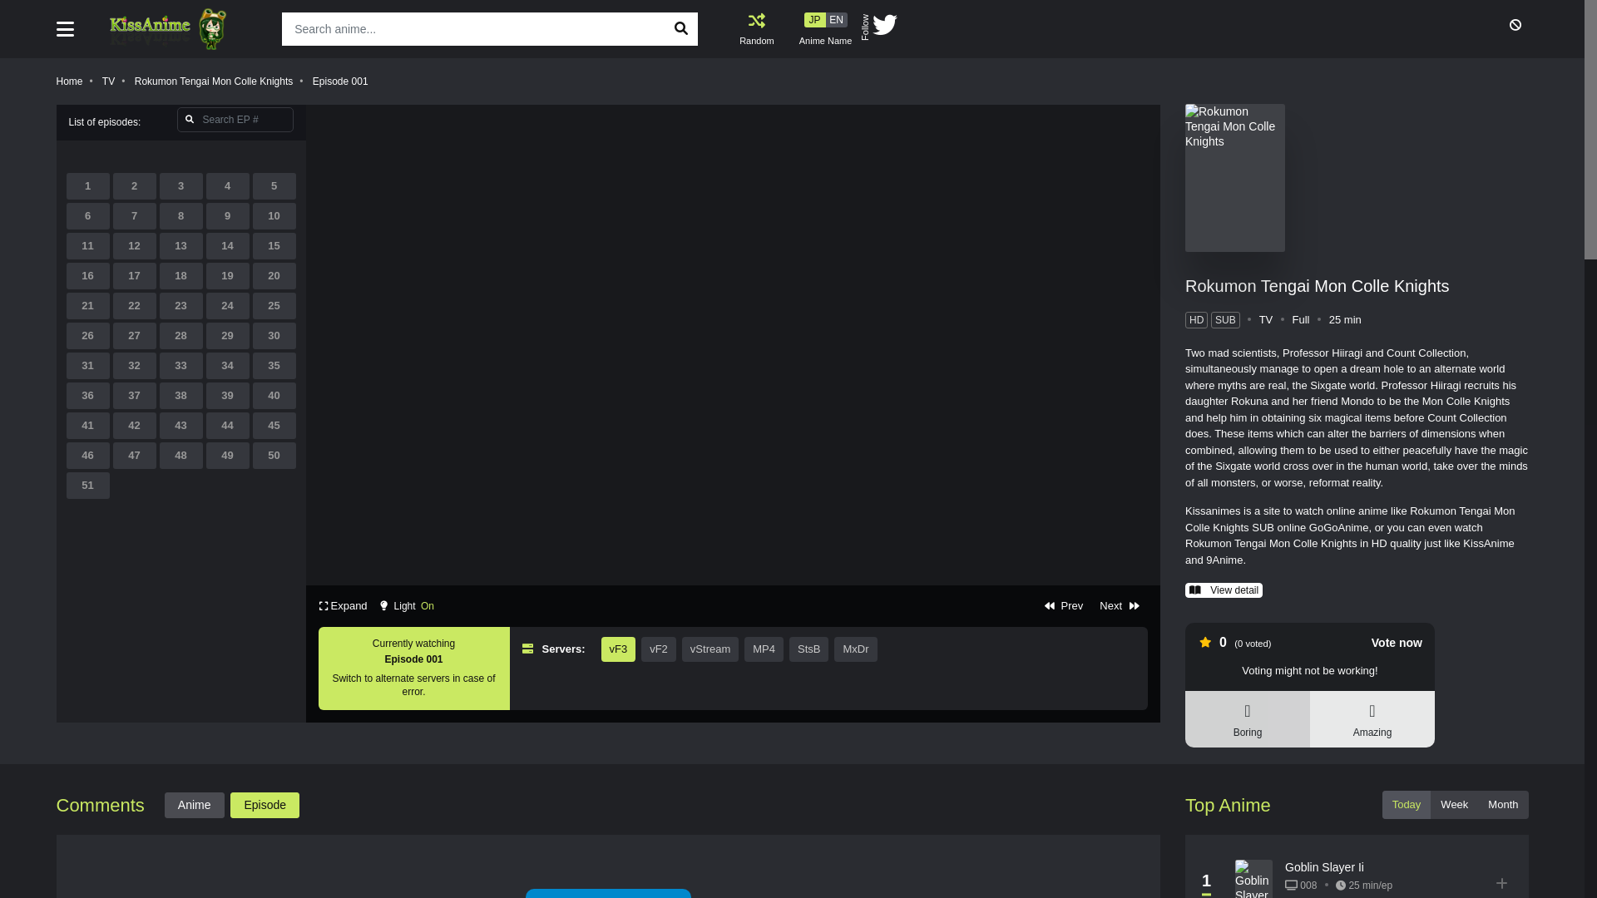  Describe the element at coordinates (312, 81) in the screenshot. I see `'Episode 001'` at that location.